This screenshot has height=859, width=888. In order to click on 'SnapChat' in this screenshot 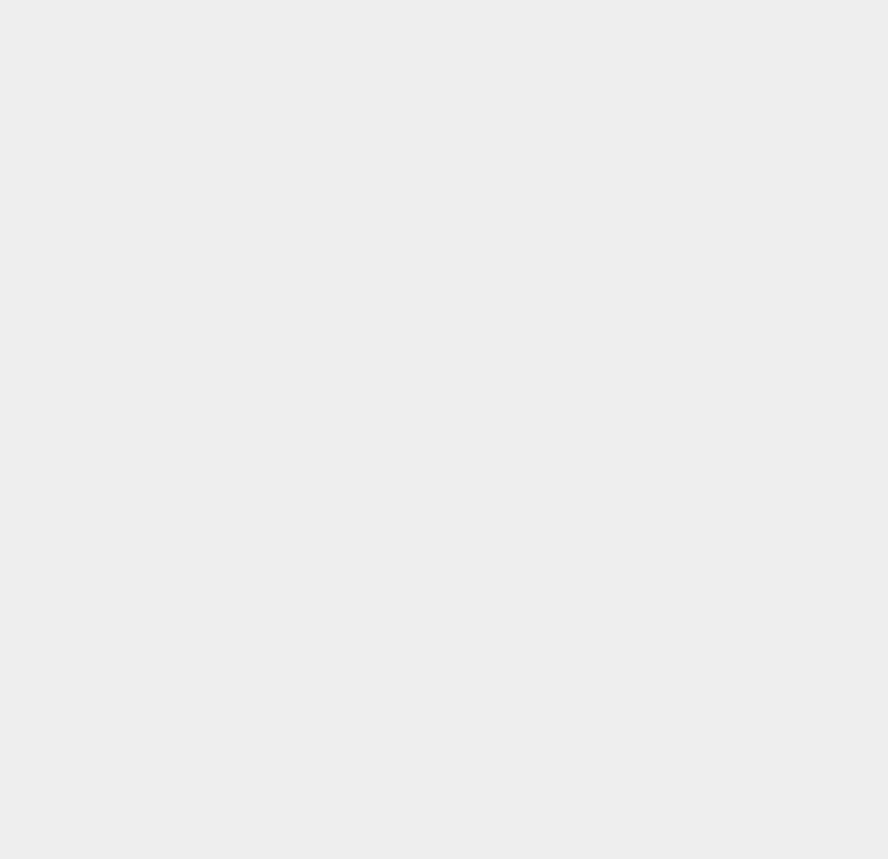, I will do `click(628, 111)`.